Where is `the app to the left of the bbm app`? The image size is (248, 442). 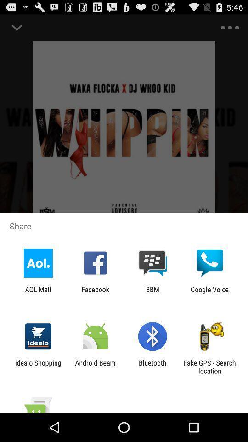
the app to the left of the bbm app is located at coordinates (95, 293).